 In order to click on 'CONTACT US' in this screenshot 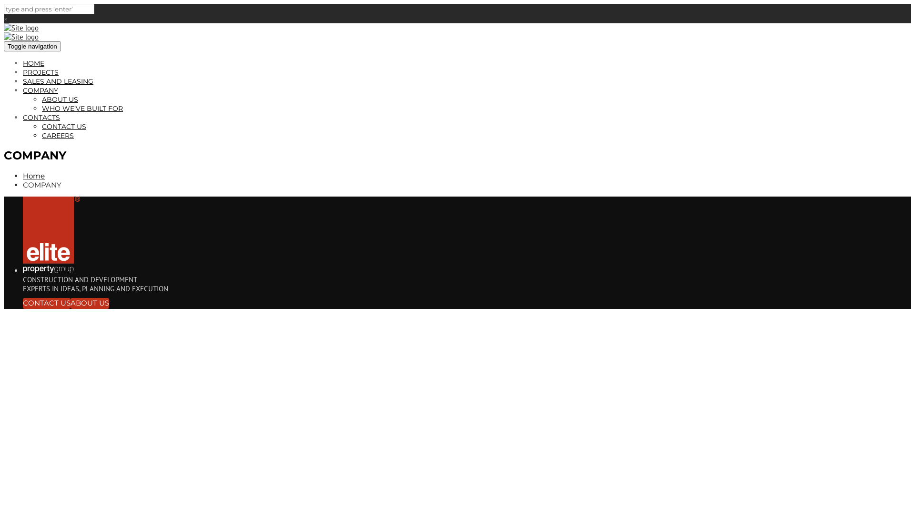, I will do `click(63, 126)`.